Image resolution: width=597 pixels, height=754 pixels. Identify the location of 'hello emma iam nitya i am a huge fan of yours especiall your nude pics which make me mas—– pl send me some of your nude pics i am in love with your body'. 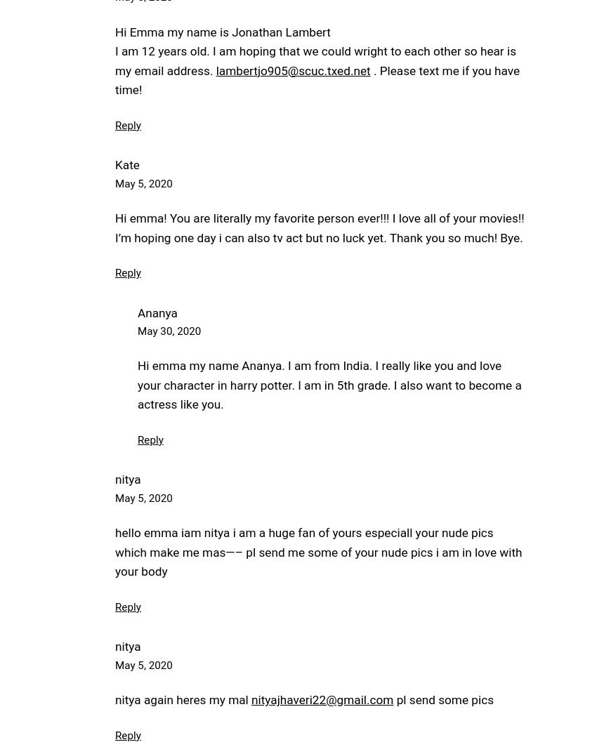
(114, 551).